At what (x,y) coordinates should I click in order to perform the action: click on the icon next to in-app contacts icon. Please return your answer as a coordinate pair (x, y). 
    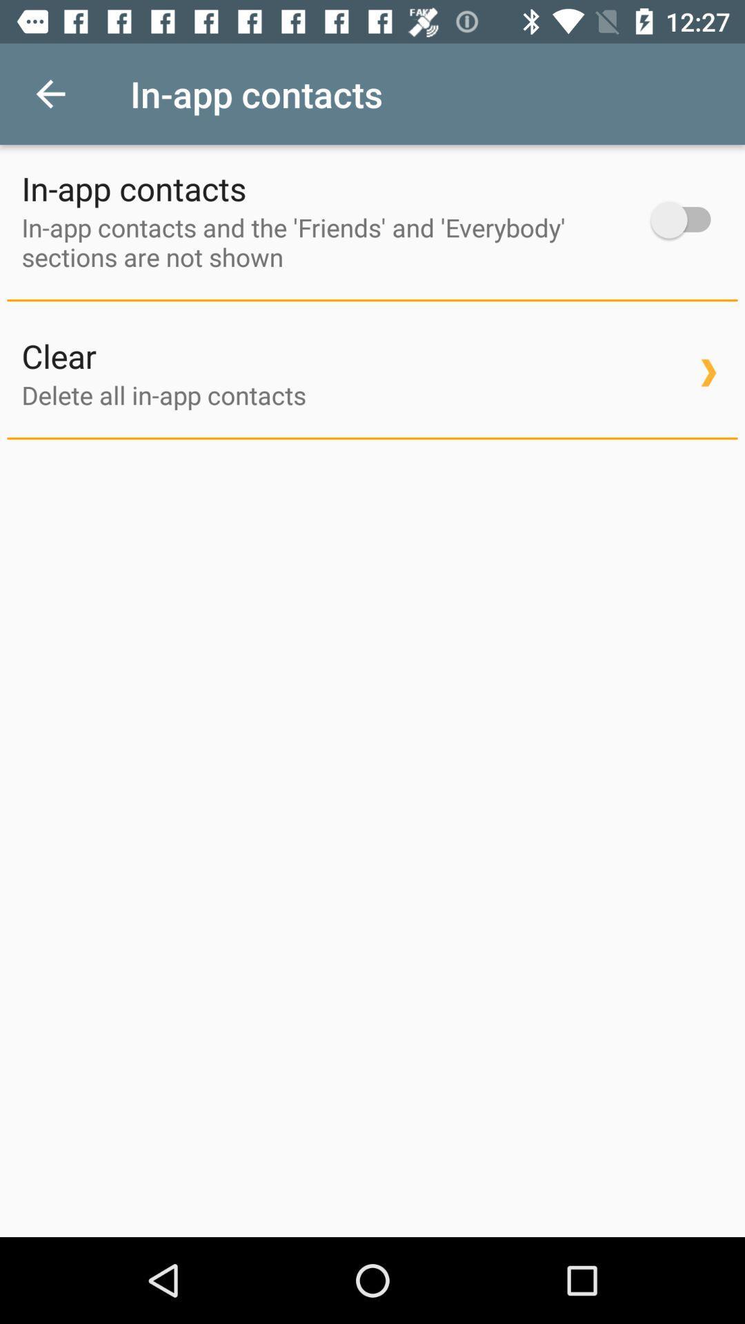
    Looking at the image, I should click on (687, 219).